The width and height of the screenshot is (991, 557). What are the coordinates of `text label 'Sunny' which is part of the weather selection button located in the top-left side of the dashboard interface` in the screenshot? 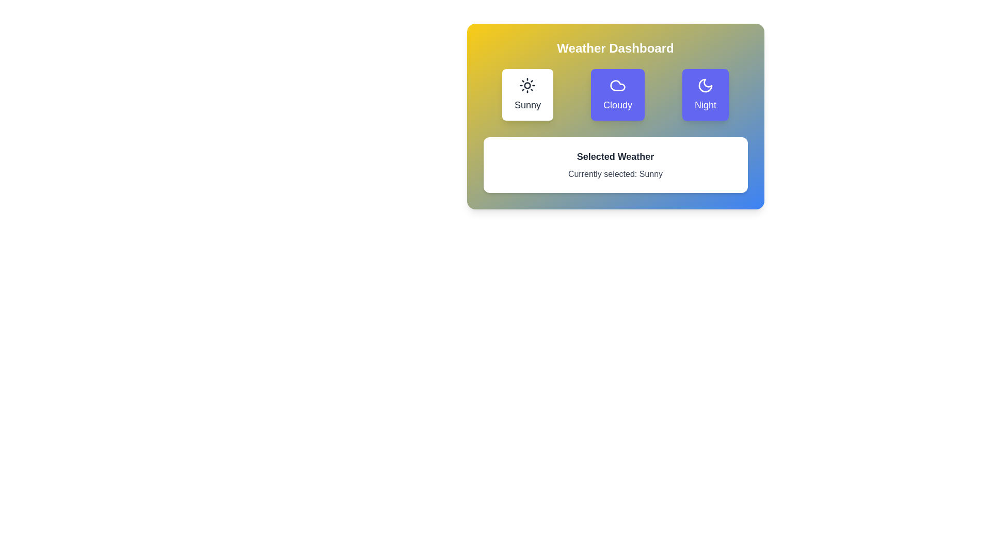 It's located at (528, 105).